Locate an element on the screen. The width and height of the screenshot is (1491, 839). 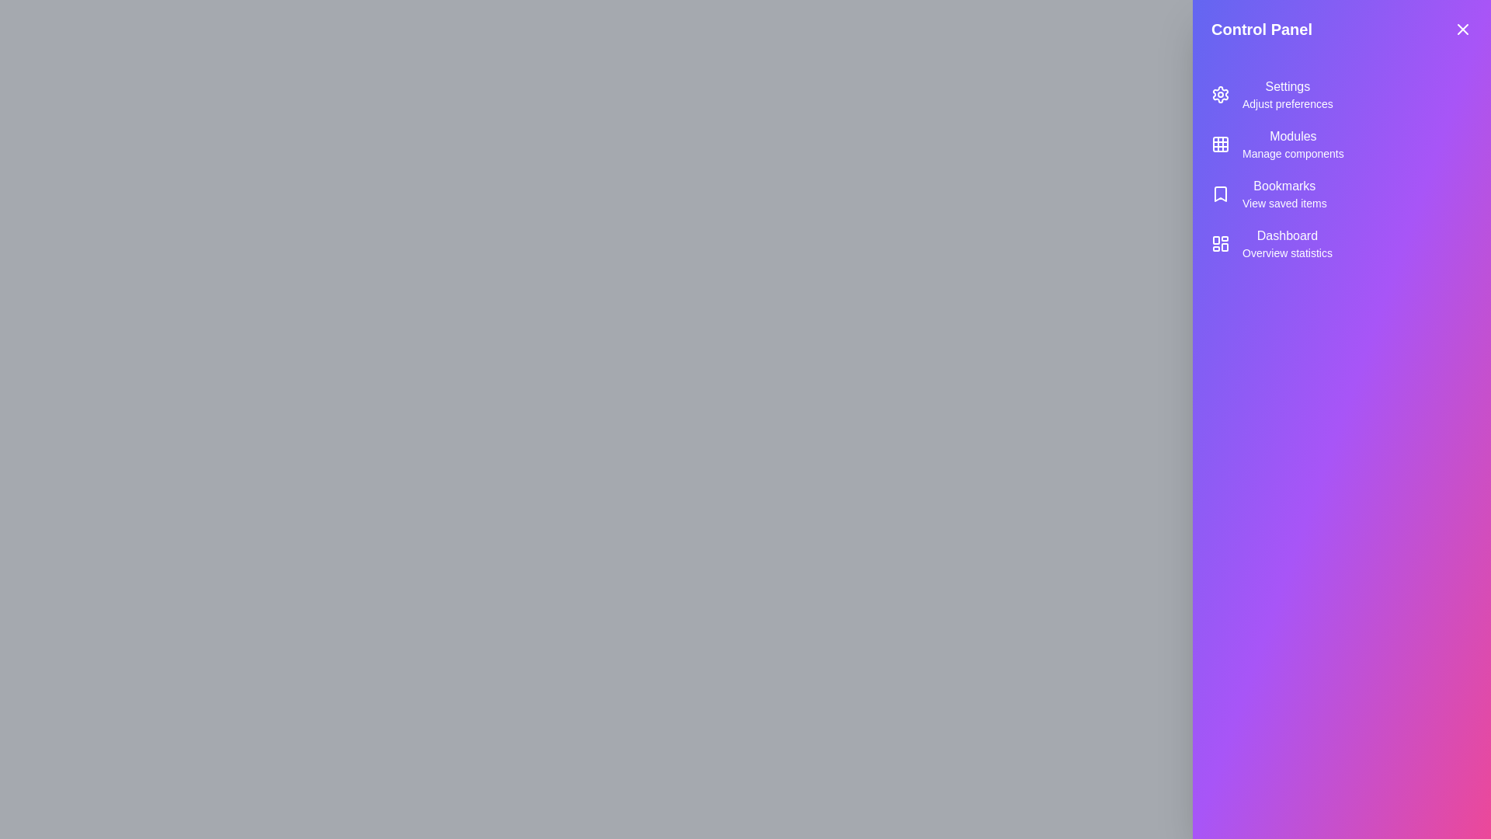
the 'Settings' text label located in the right-side 'Control Panel' panel is located at coordinates (1288, 95).